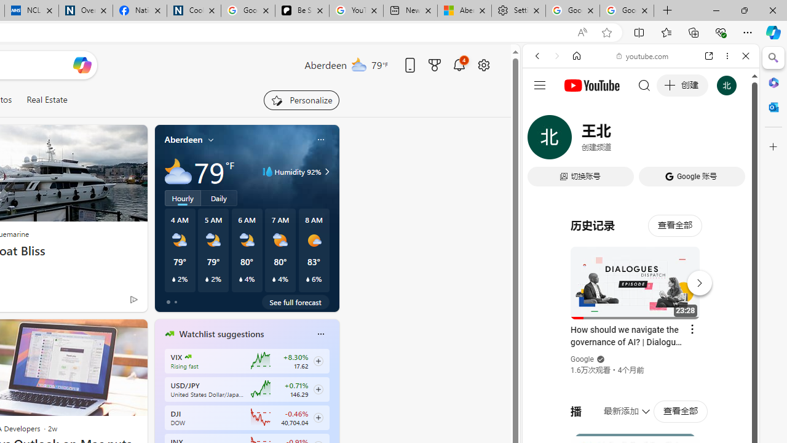 The width and height of the screenshot is (787, 443). What do you see at coordinates (81, 65) in the screenshot?
I see `'Open Copilot'` at bounding box center [81, 65].